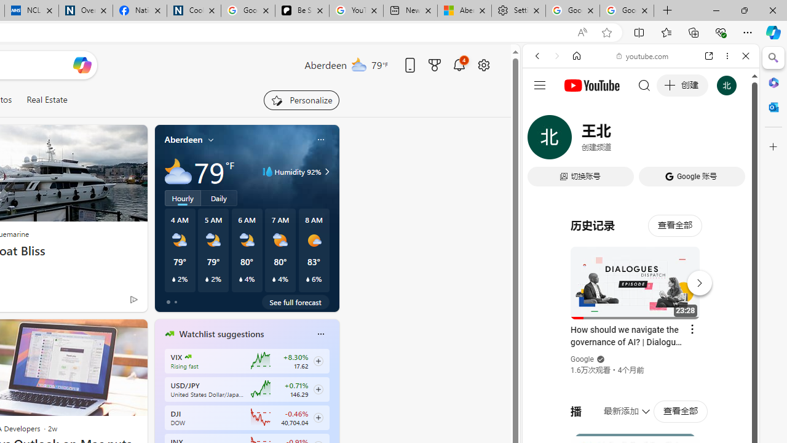 The width and height of the screenshot is (787, 443). What do you see at coordinates (81, 65) in the screenshot?
I see `'Open Copilot'` at bounding box center [81, 65].